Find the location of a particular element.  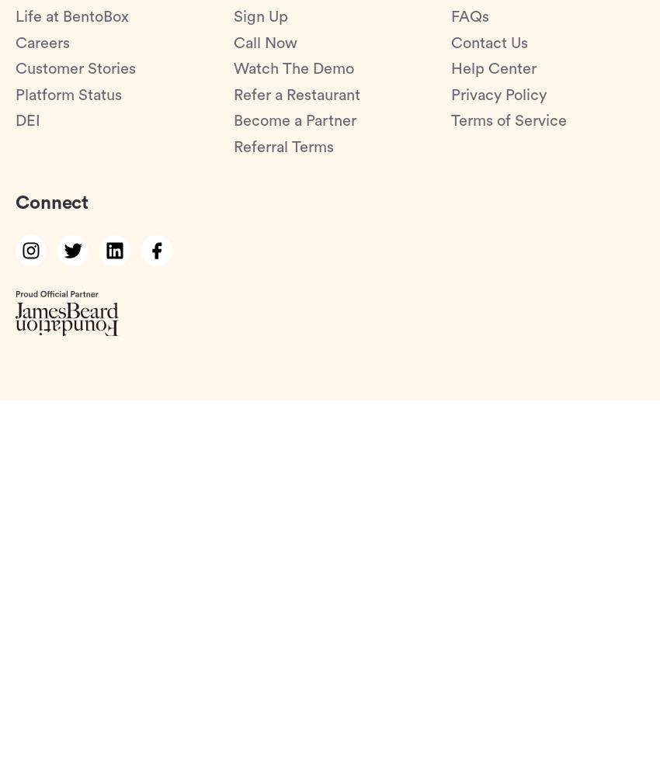

'Terms of Service' is located at coordinates (509, 120).